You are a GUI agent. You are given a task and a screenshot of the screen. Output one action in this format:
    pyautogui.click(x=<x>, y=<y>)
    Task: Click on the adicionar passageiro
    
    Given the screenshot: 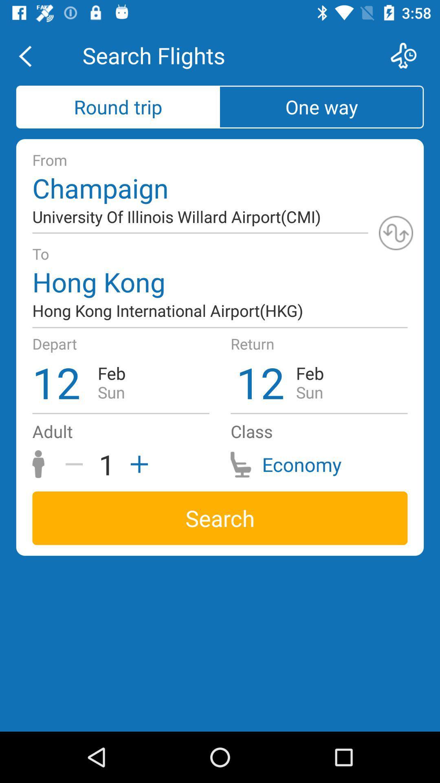 What is the action you would take?
    pyautogui.click(x=136, y=464)
    